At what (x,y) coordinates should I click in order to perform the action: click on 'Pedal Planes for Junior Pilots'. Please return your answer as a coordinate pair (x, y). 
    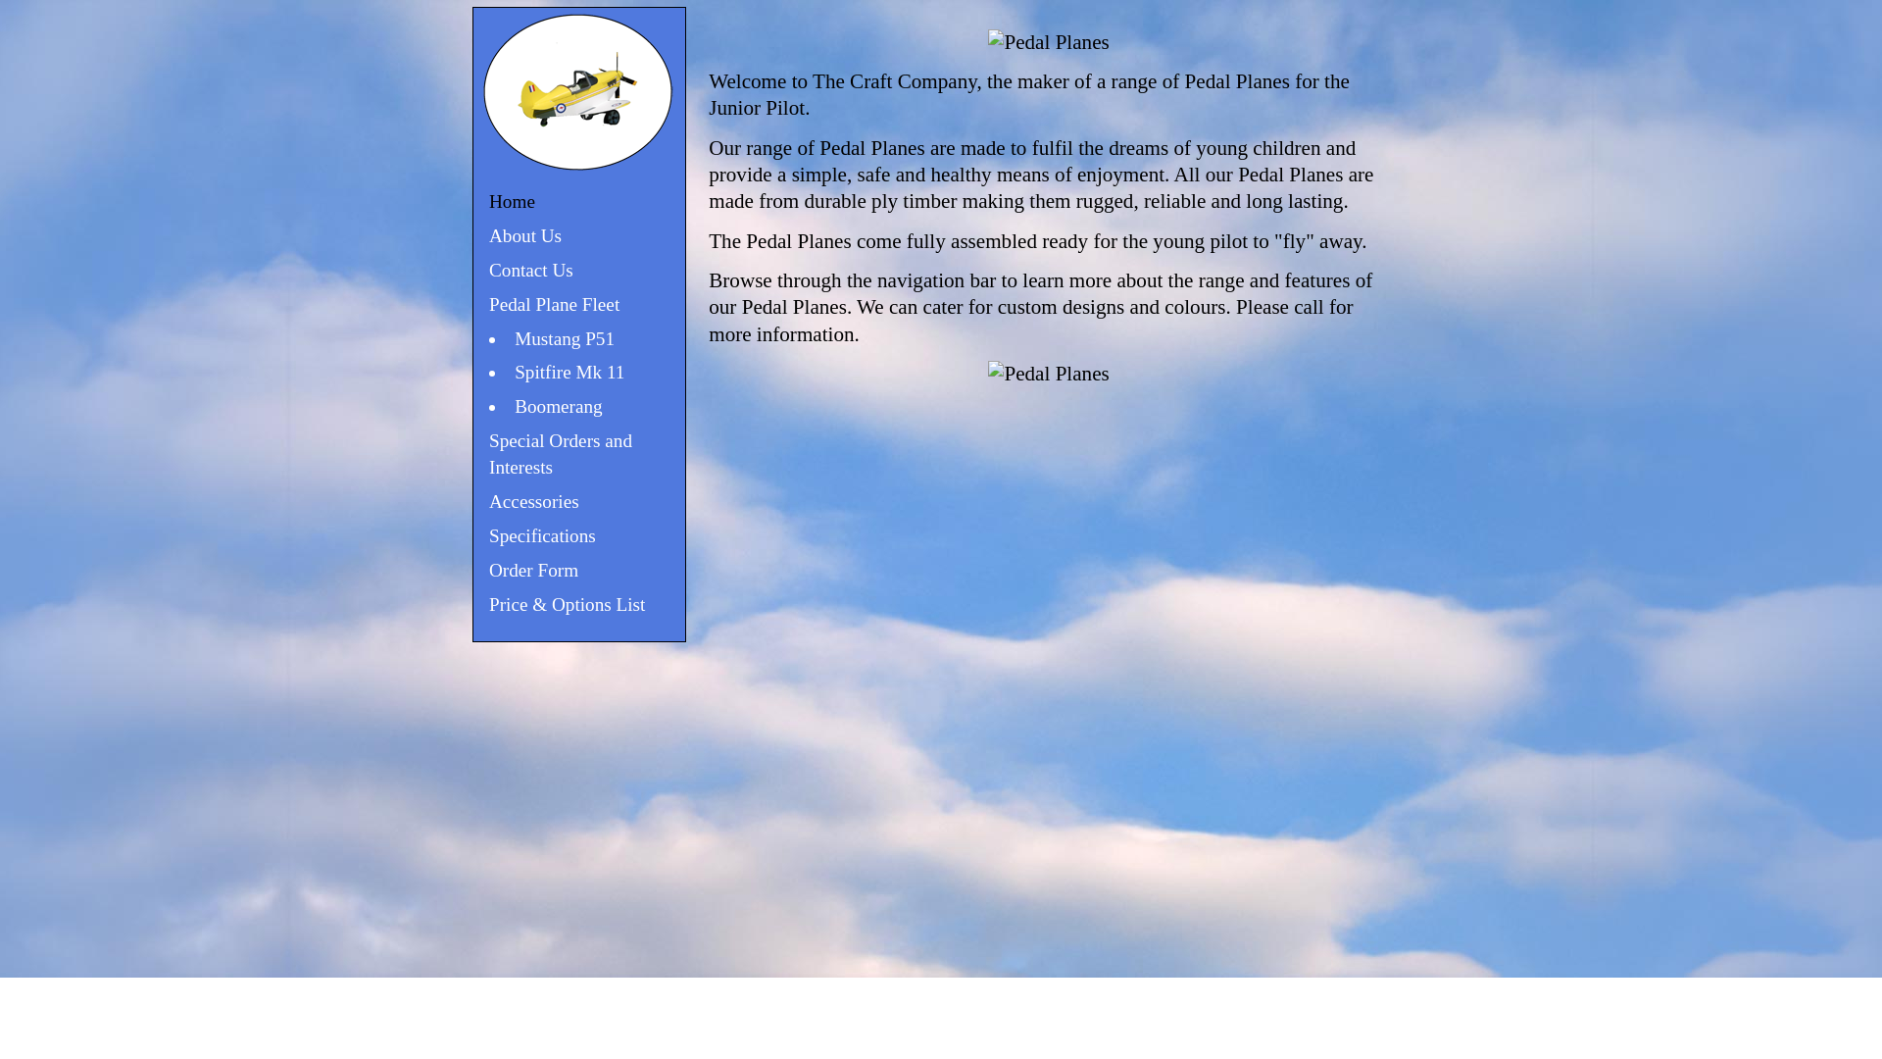
    Looking at the image, I should click on (577, 167).